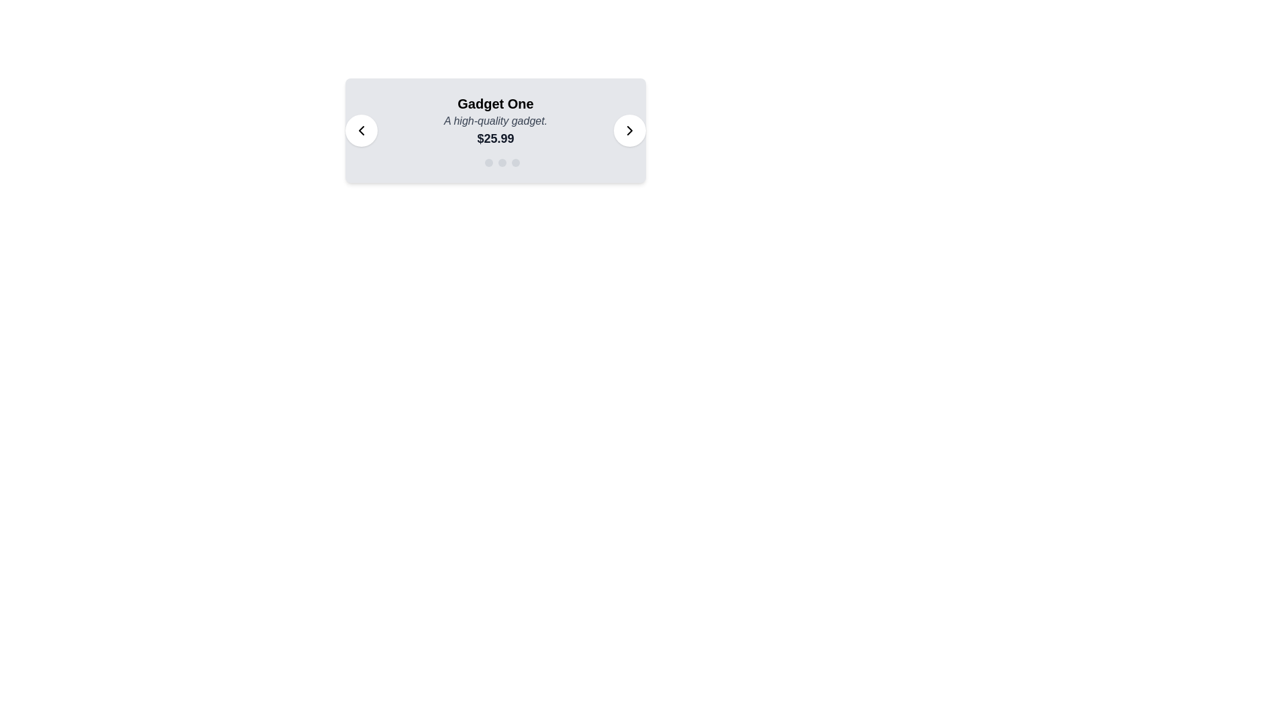 The height and width of the screenshot is (724, 1288). Describe the element at coordinates (495, 103) in the screenshot. I see `text label that presents the title or name of the item, which is positioned at the top of its sibling elements` at that location.